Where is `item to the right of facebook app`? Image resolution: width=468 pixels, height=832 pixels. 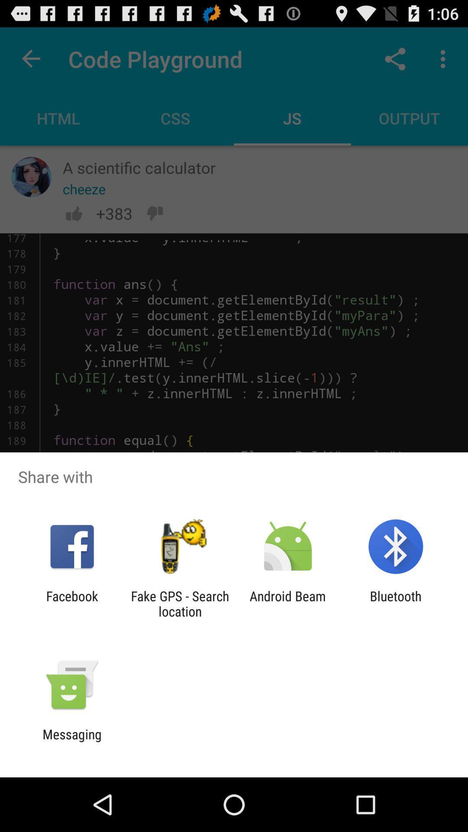 item to the right of facebook app is located at coordinates (179, 603).